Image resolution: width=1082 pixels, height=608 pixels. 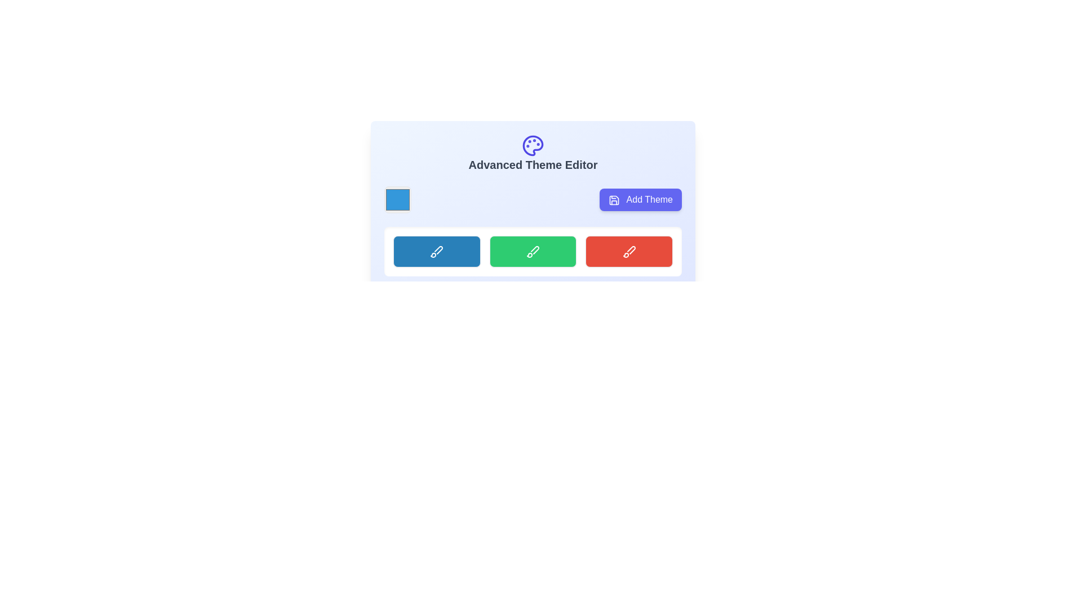 What do you see at coordinates (532, 145) in the screenshot?
I see `the painter's palette icon located at the top center of the interface` at bounding box center [532, 145].